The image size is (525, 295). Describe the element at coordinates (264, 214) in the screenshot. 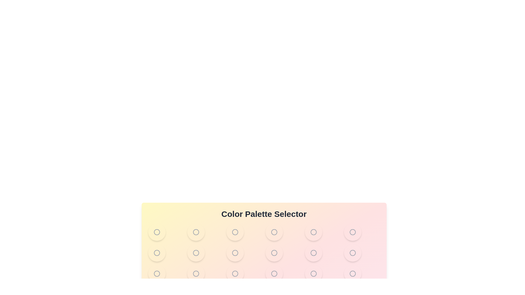

I see `the center of the title text 'Color Palette Selector'` at that location.